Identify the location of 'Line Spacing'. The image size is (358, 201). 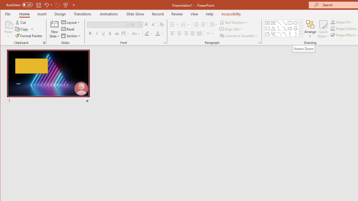
(213, 24).